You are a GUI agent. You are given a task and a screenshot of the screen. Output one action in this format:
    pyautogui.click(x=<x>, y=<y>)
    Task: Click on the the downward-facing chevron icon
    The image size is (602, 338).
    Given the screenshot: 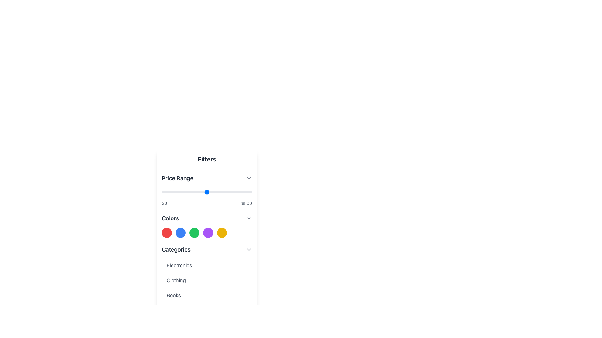 What is the action you would take?
    pyautogui.click(x=248, y=218)
    